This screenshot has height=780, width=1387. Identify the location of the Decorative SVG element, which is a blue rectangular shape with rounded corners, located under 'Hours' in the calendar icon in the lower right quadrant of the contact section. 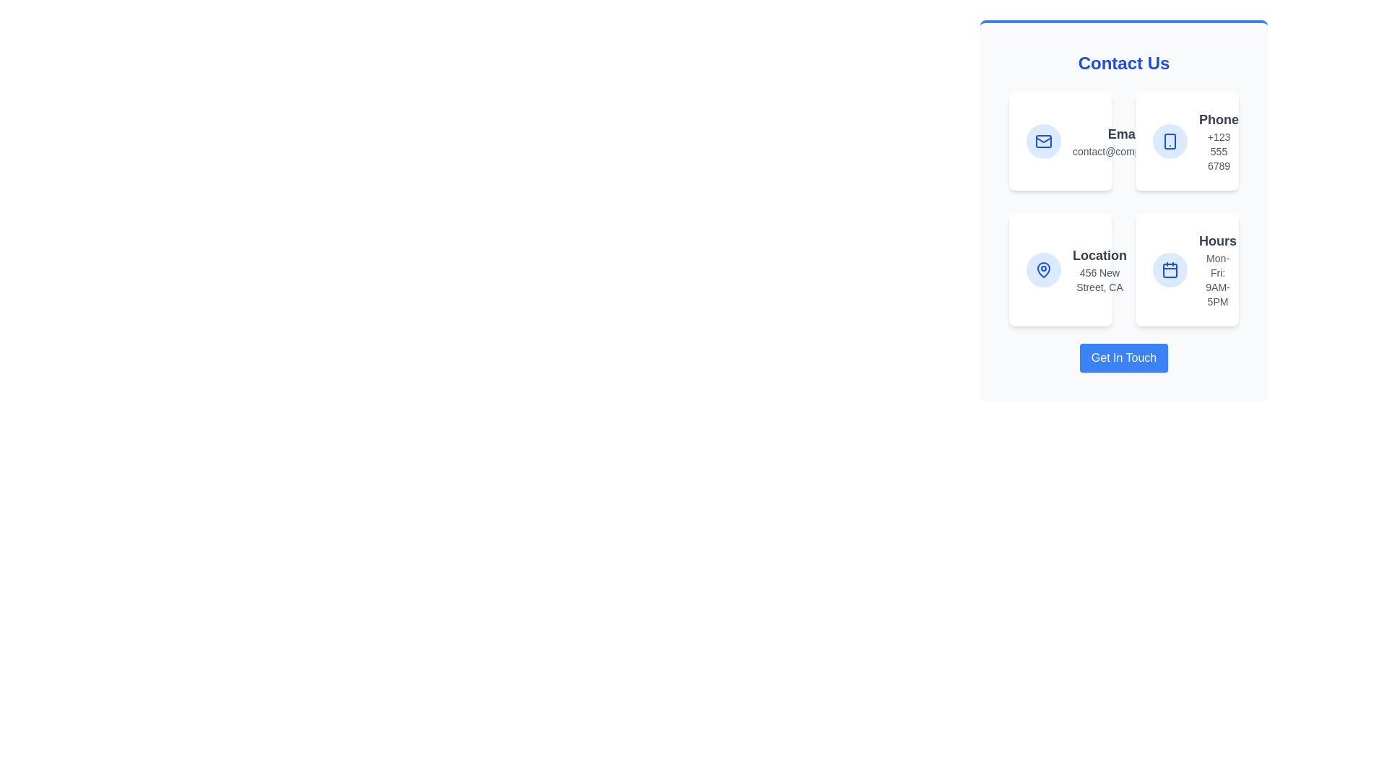
(1170, 270).